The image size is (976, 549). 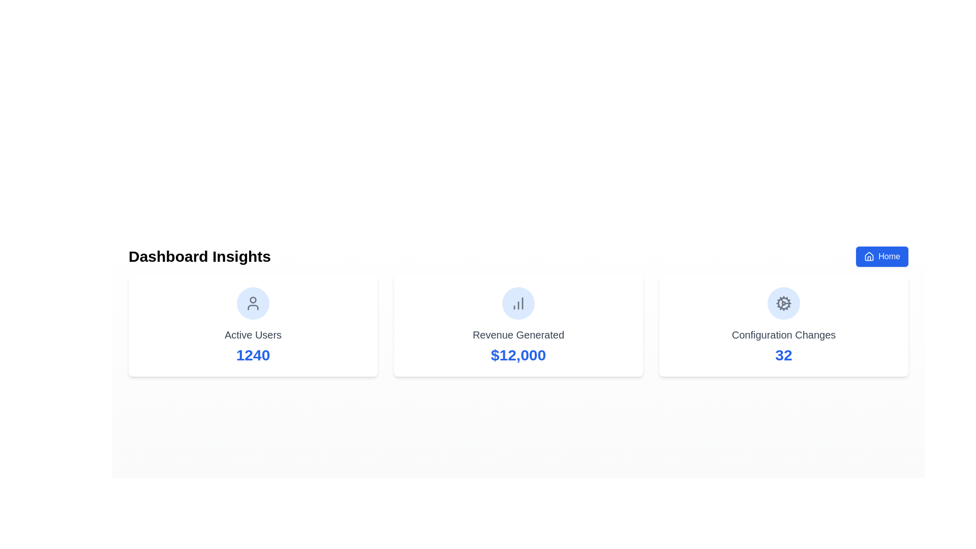 What do you see at coordinates (253, 299) in the screenshot?
I see `the graphical circle element within the SVG representation of the user icon, located above the text 'Active Users 1240' on the leftmost card of the dashboard` at bounding box center [253, 299].